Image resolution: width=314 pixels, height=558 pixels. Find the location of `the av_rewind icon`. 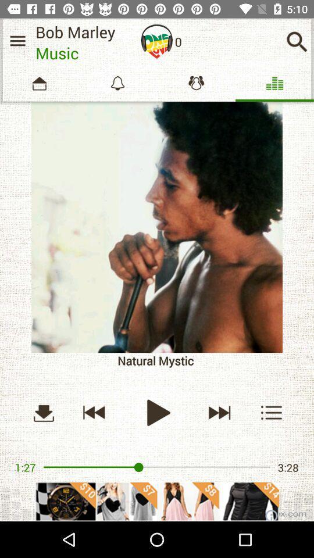

the av_rewind icon is located at coordinates (94, 412).